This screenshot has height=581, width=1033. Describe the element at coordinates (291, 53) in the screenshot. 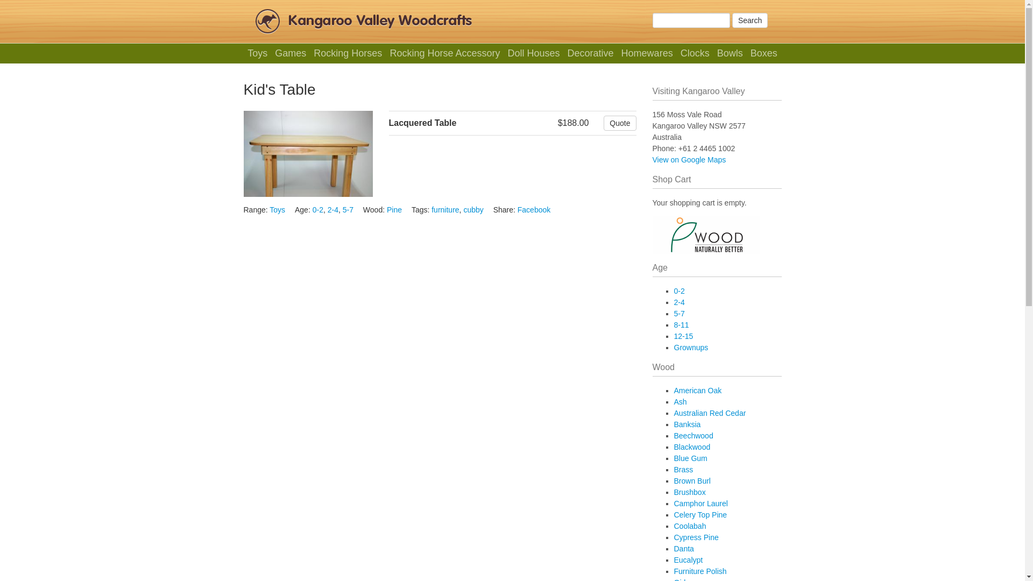

I see `'Games'` at that location.